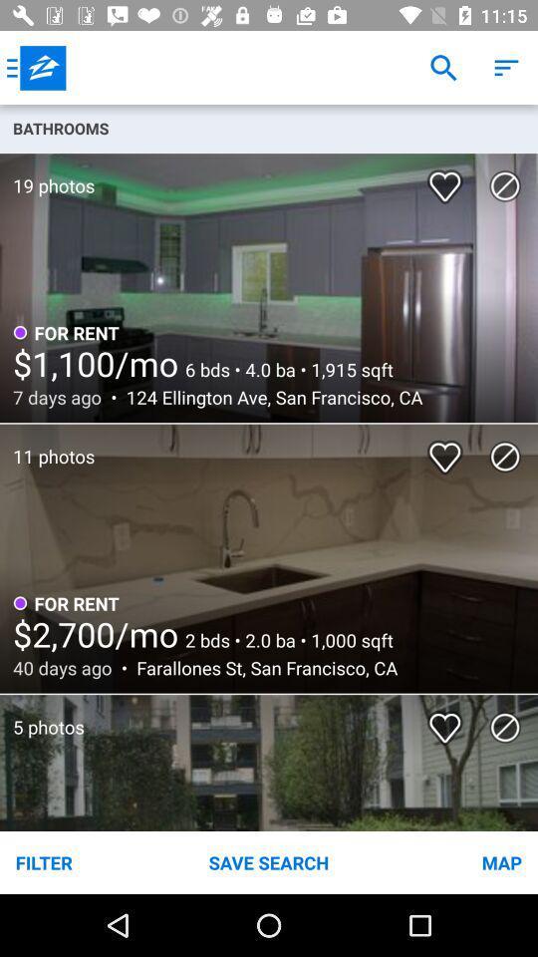  What do you see at coordinates (269, 396) in the screenshot?
I see `the 124 ellington ave` at bounding box center [269, 396].